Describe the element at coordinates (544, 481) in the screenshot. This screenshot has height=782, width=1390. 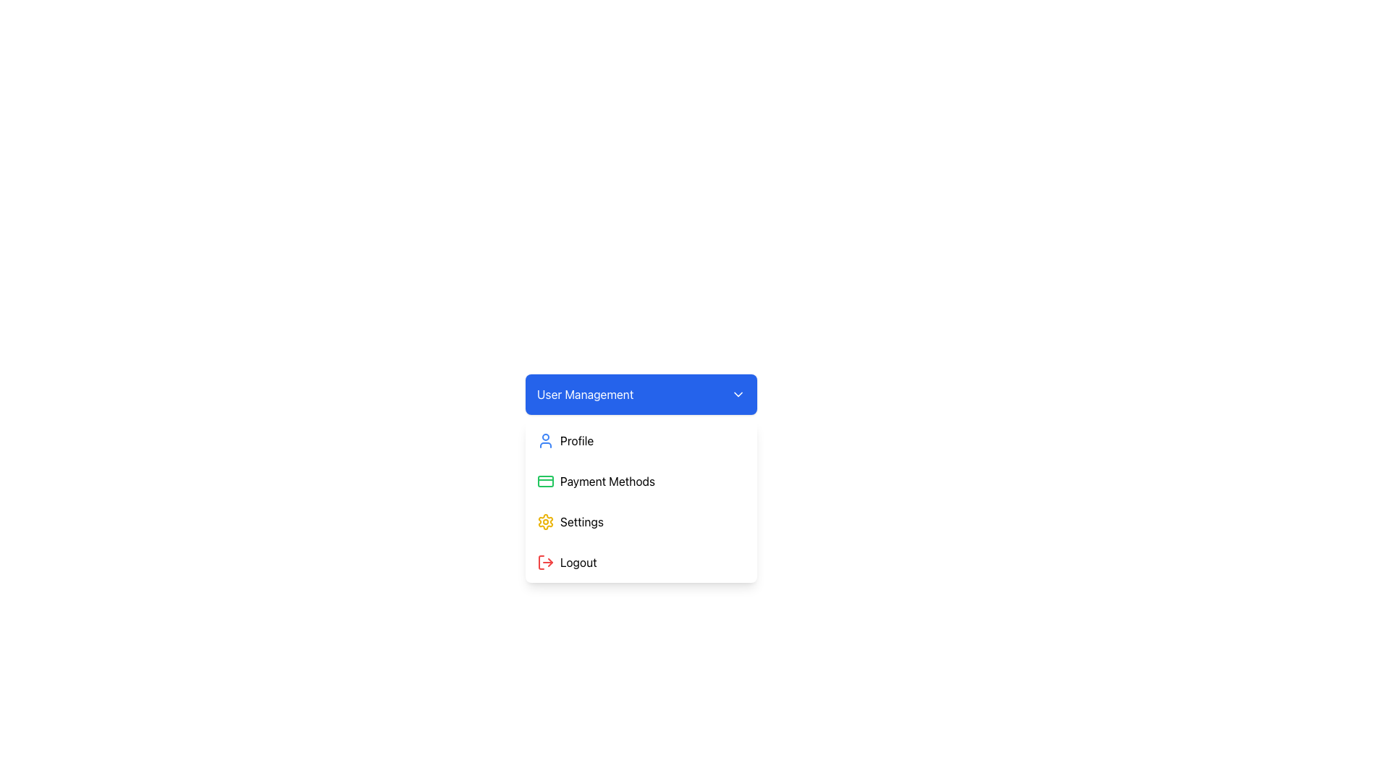
I see `the SVG rectangle icon representing the 'Payment Methods' menu item, which has rounded corners and is positioned above a horizontal line in the dropdown menu` at that location.